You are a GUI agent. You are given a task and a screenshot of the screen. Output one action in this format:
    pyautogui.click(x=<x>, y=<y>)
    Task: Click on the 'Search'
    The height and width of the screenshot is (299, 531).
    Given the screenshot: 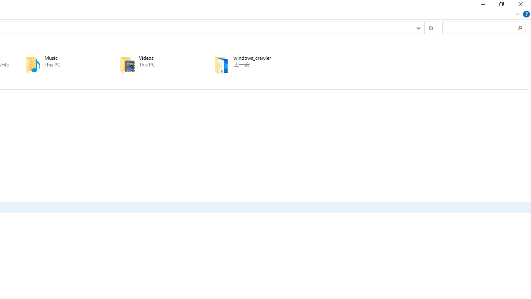 What is the action you would take?
    pyautogui.click(x=519, y=27)
    